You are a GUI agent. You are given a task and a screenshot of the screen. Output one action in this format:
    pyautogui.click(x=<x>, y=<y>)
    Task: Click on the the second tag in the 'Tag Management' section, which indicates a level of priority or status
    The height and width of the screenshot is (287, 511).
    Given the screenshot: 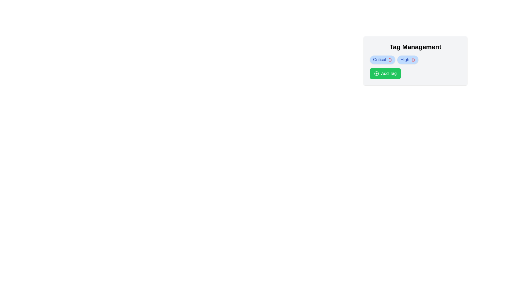 What is the action you would take?
    pyautogui.click(x=405, y=60)
    